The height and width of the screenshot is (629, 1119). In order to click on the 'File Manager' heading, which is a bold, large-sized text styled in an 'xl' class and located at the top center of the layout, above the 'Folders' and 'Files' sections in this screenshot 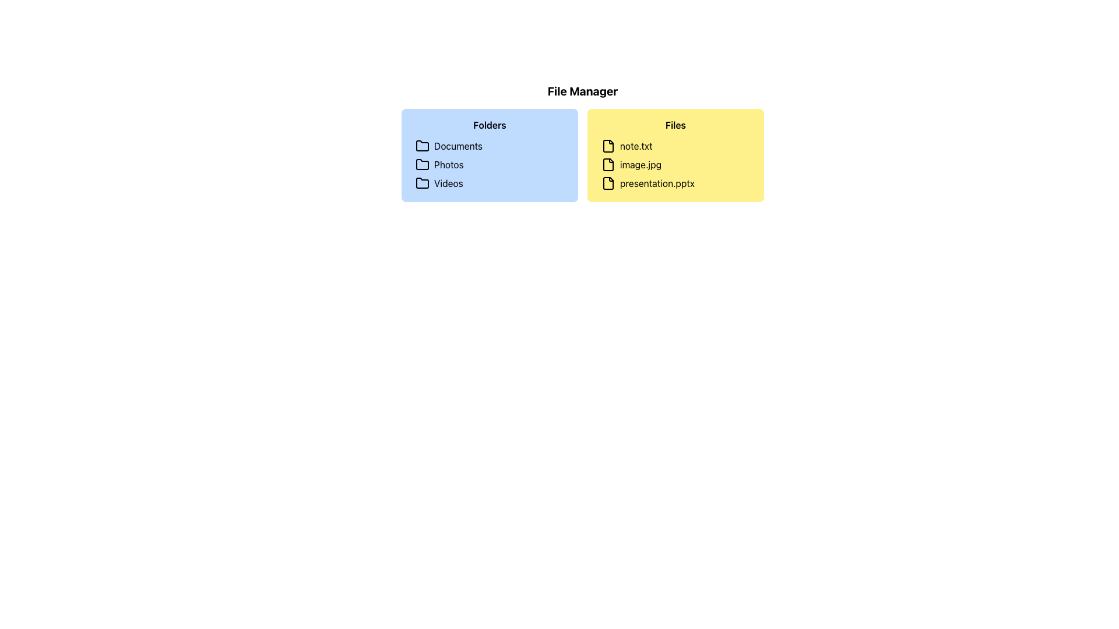, I will do `click(582, 91)`.